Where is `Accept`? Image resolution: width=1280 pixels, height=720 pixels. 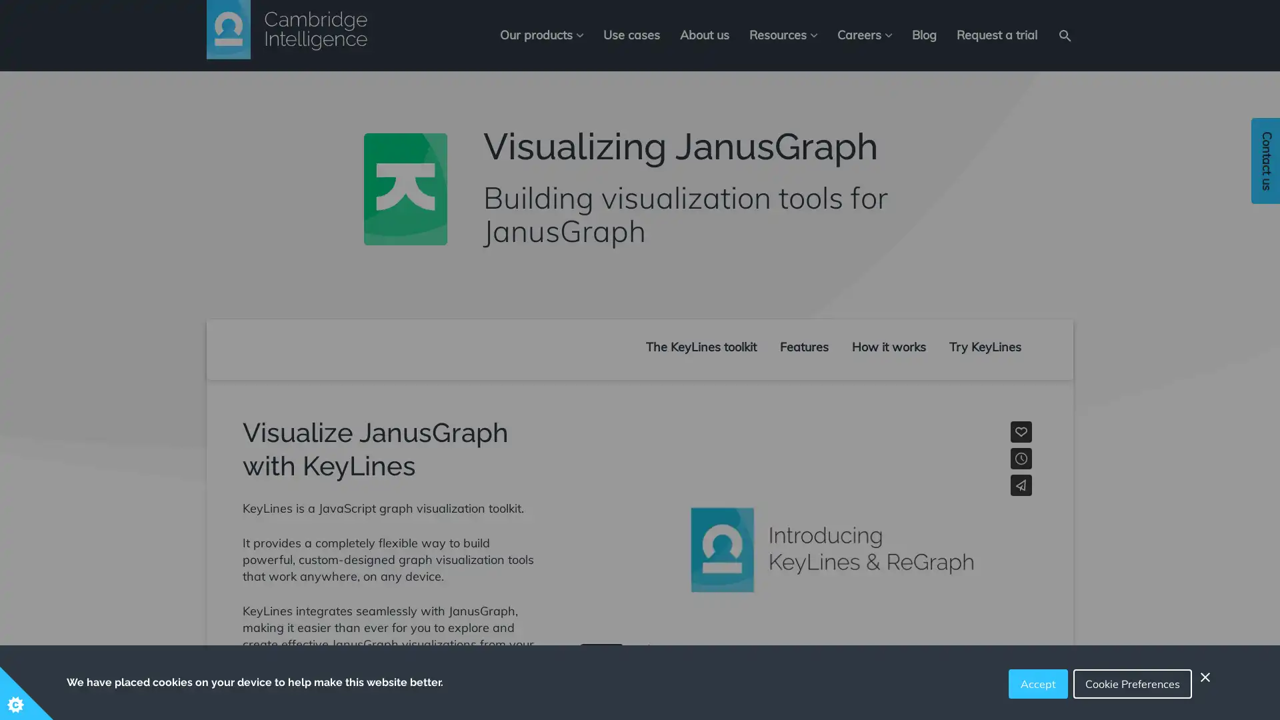
Accept is located at coordinates (1037, 684).